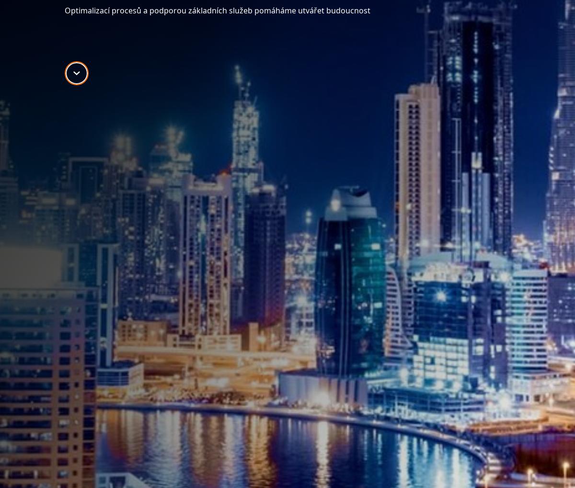 The image size is (575, 488). What do you see at coordinates (305, 279) in the screenshot?
I see `'Inteligentní výrobní proces'` at bounding box center [305, 279].